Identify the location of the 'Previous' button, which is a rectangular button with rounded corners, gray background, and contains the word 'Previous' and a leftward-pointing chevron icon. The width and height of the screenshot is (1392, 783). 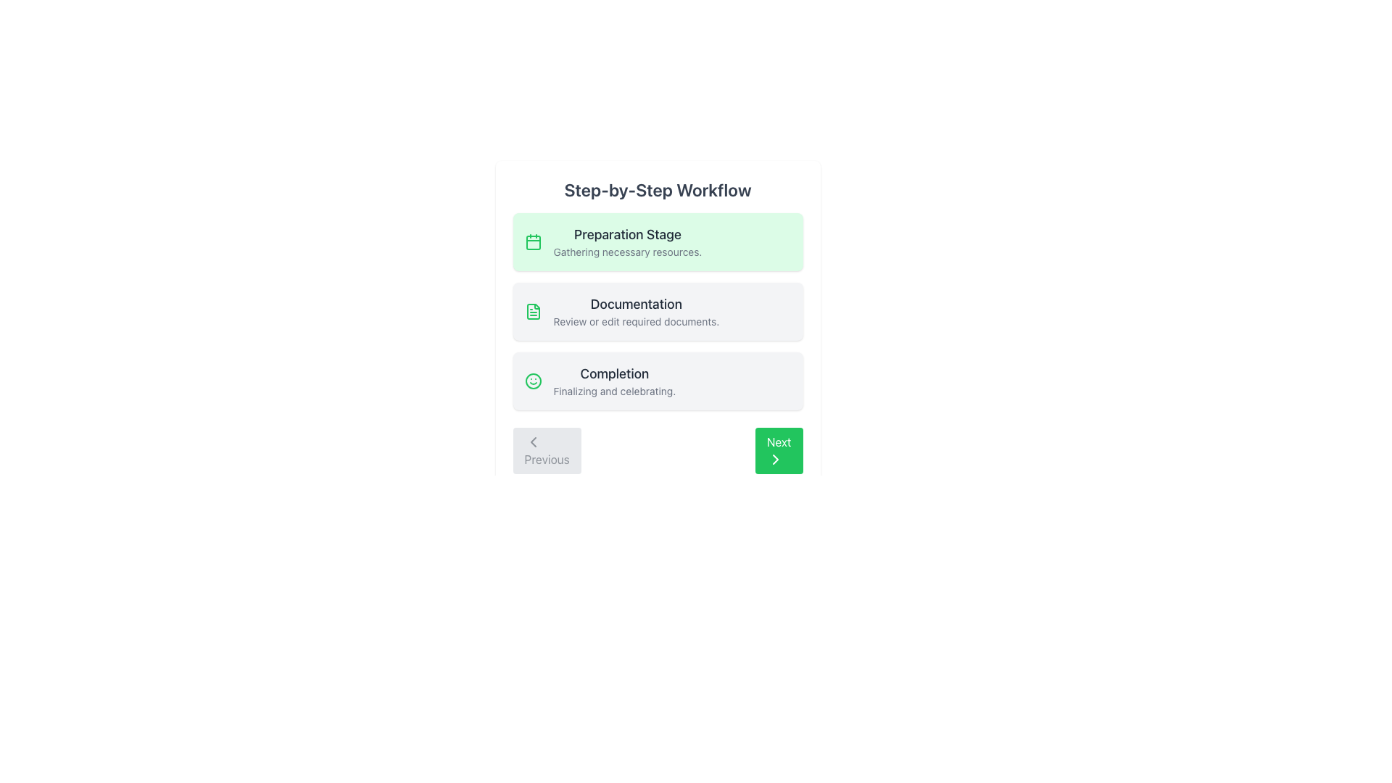
(546, 449).